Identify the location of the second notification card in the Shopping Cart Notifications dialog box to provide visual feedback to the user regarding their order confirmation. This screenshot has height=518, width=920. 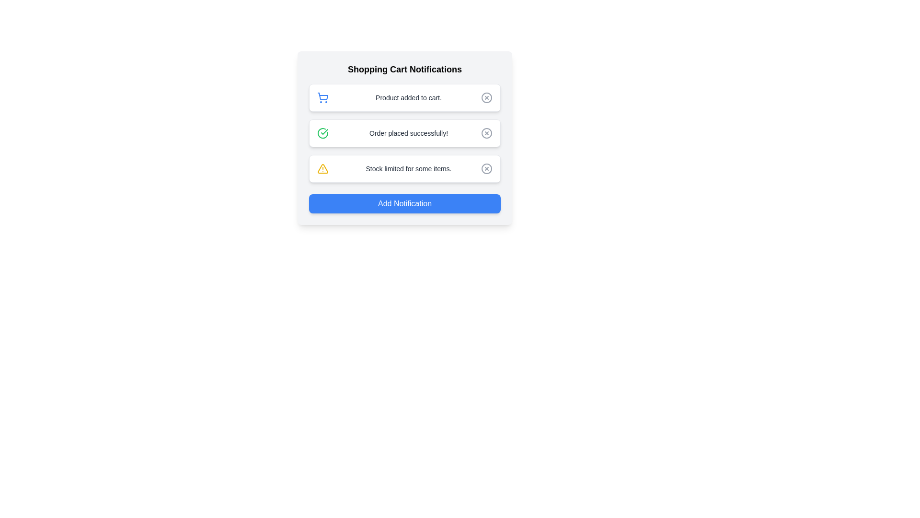
(404, 138).